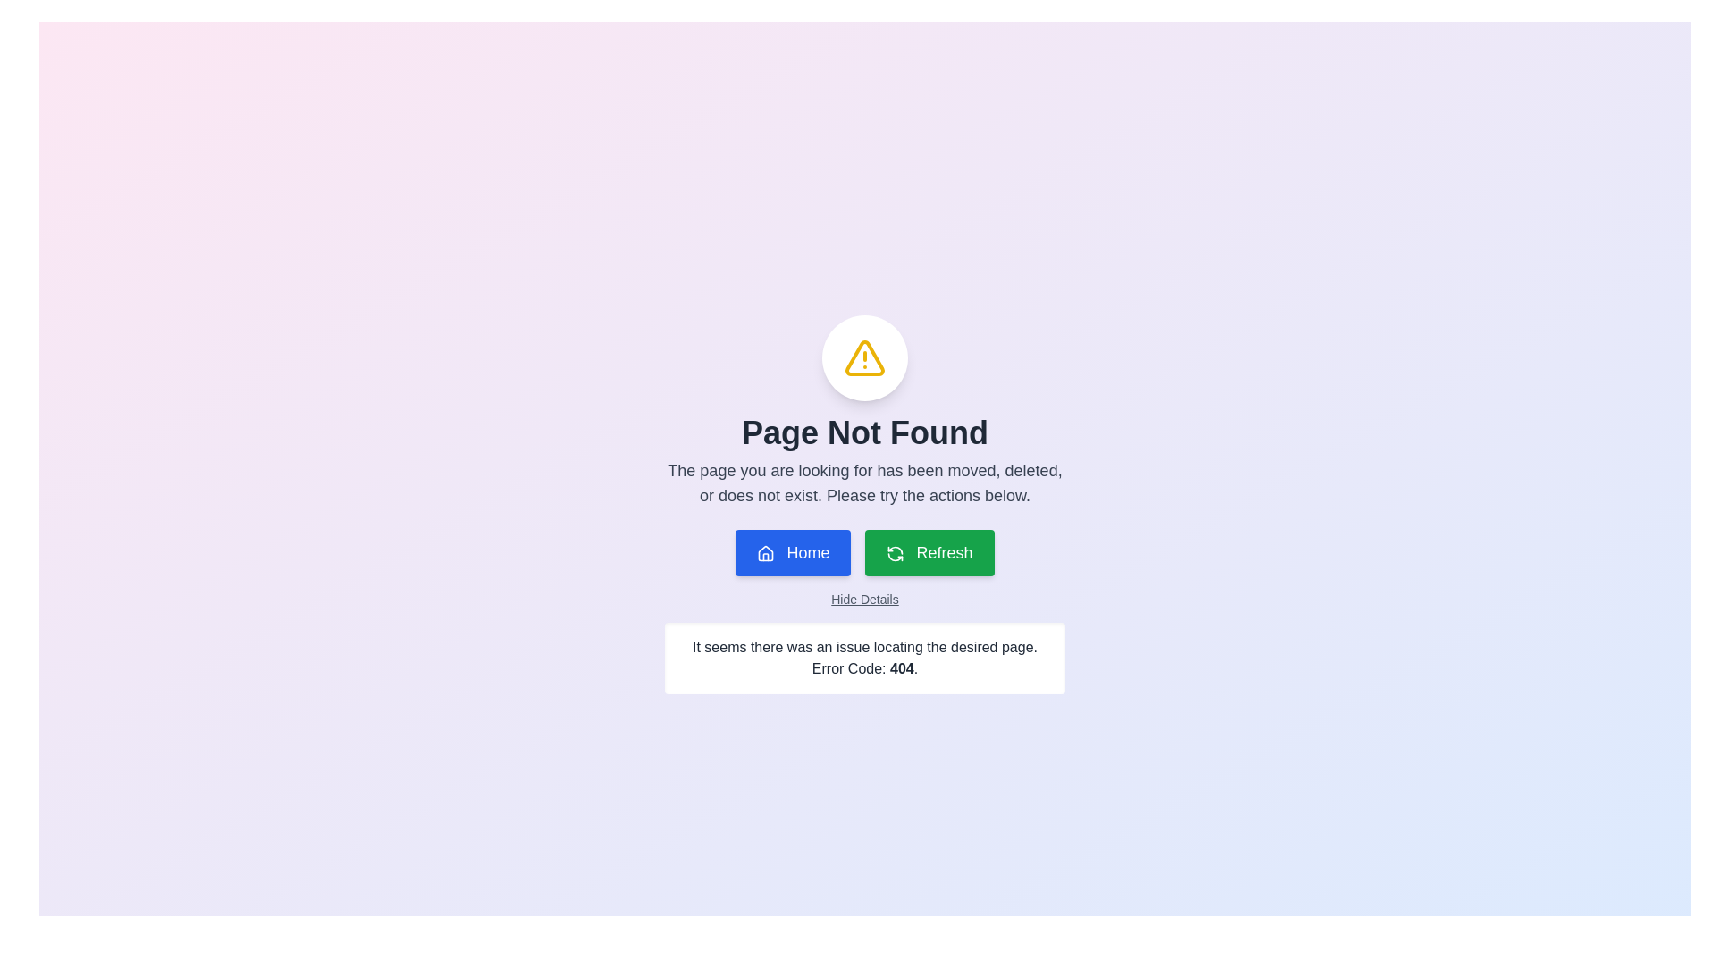 The image size is (1716, 965). What do you see at coordinates (896, 557) in the screenshot?
I see `the curved arrow representing the refresh icon located` at bounding box center [896, 557].